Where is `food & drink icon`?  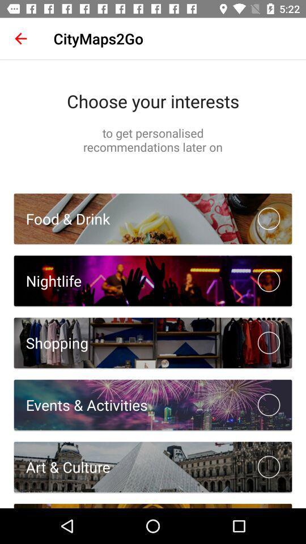
food & drink icon is located at coordinates (62, 218).